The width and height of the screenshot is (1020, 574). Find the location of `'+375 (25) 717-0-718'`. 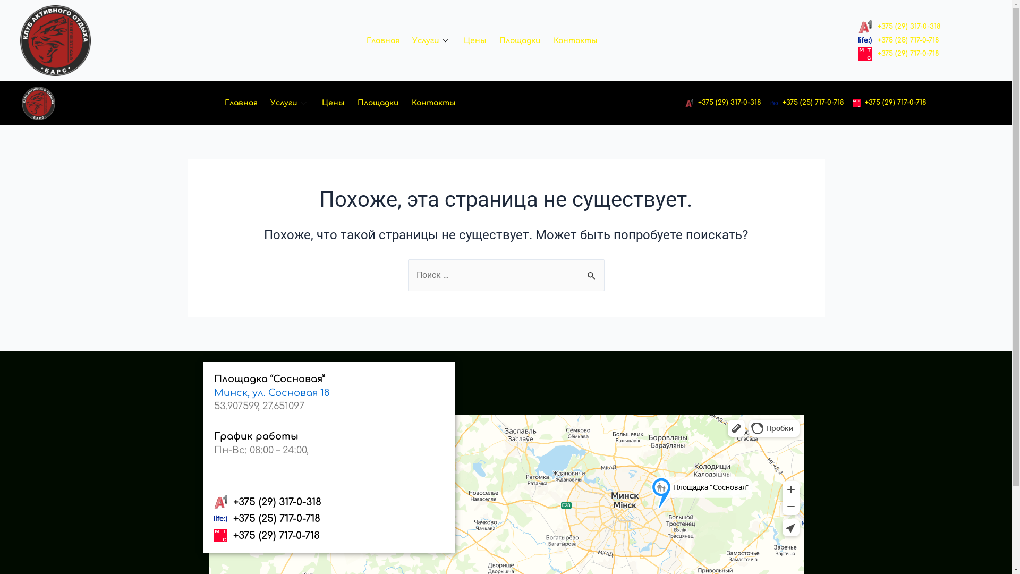

'+375 (25) 717-0-718' is located at coordinates (328, 518).